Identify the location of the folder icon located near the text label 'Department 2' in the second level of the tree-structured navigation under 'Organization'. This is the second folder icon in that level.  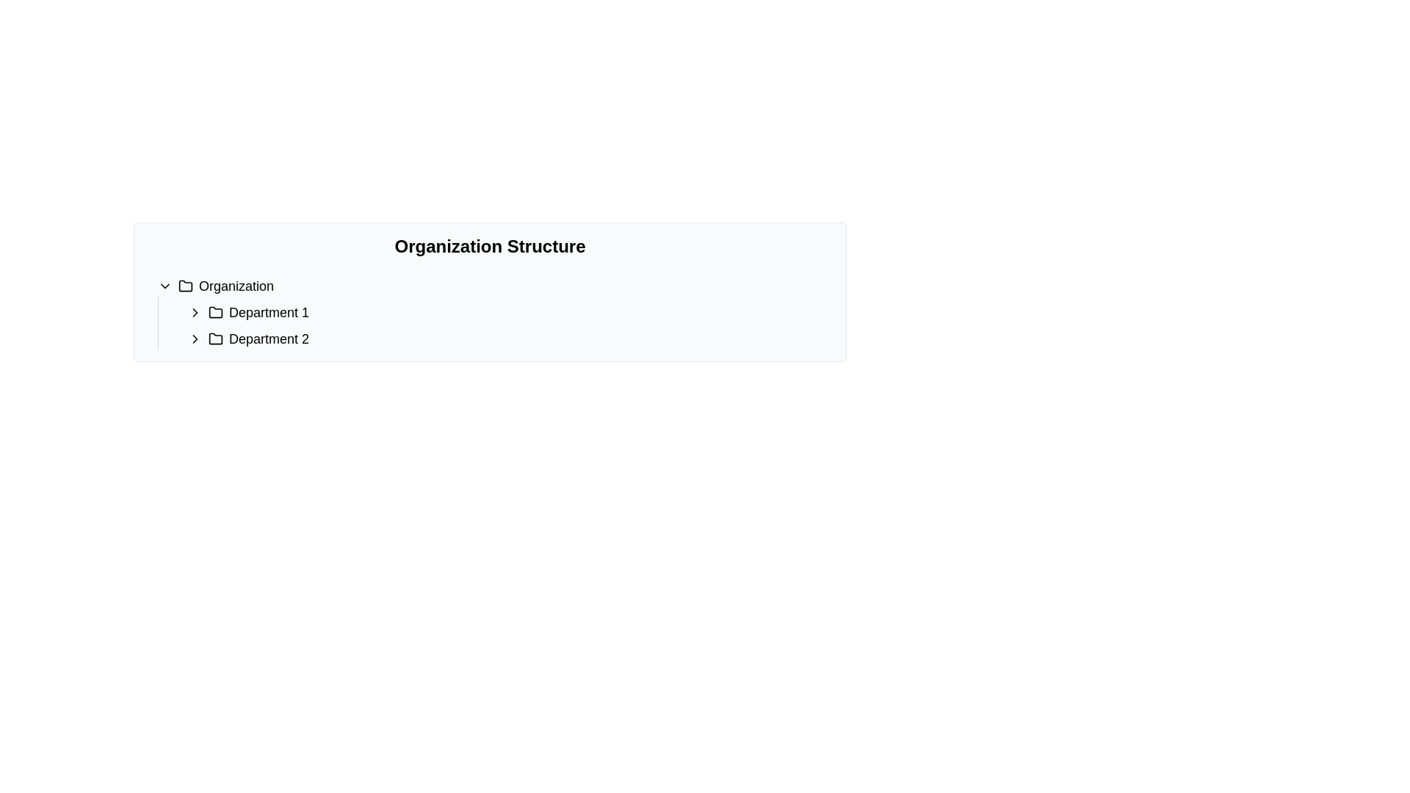
(214, 338).